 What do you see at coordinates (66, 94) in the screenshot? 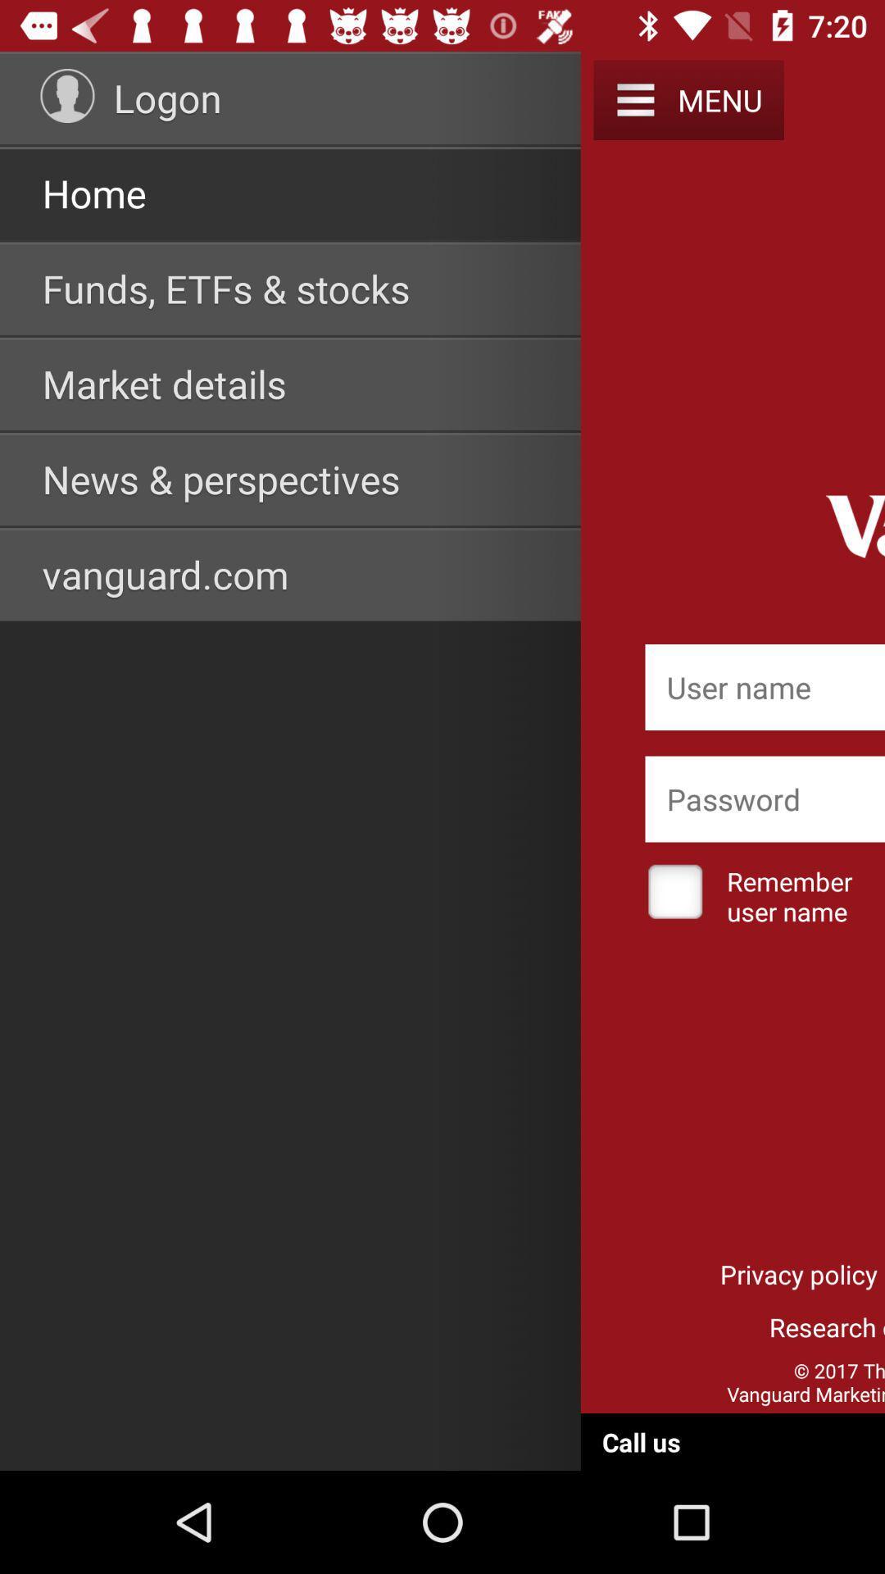
I see `item to the left of logon` at bounding box center [66, 94].